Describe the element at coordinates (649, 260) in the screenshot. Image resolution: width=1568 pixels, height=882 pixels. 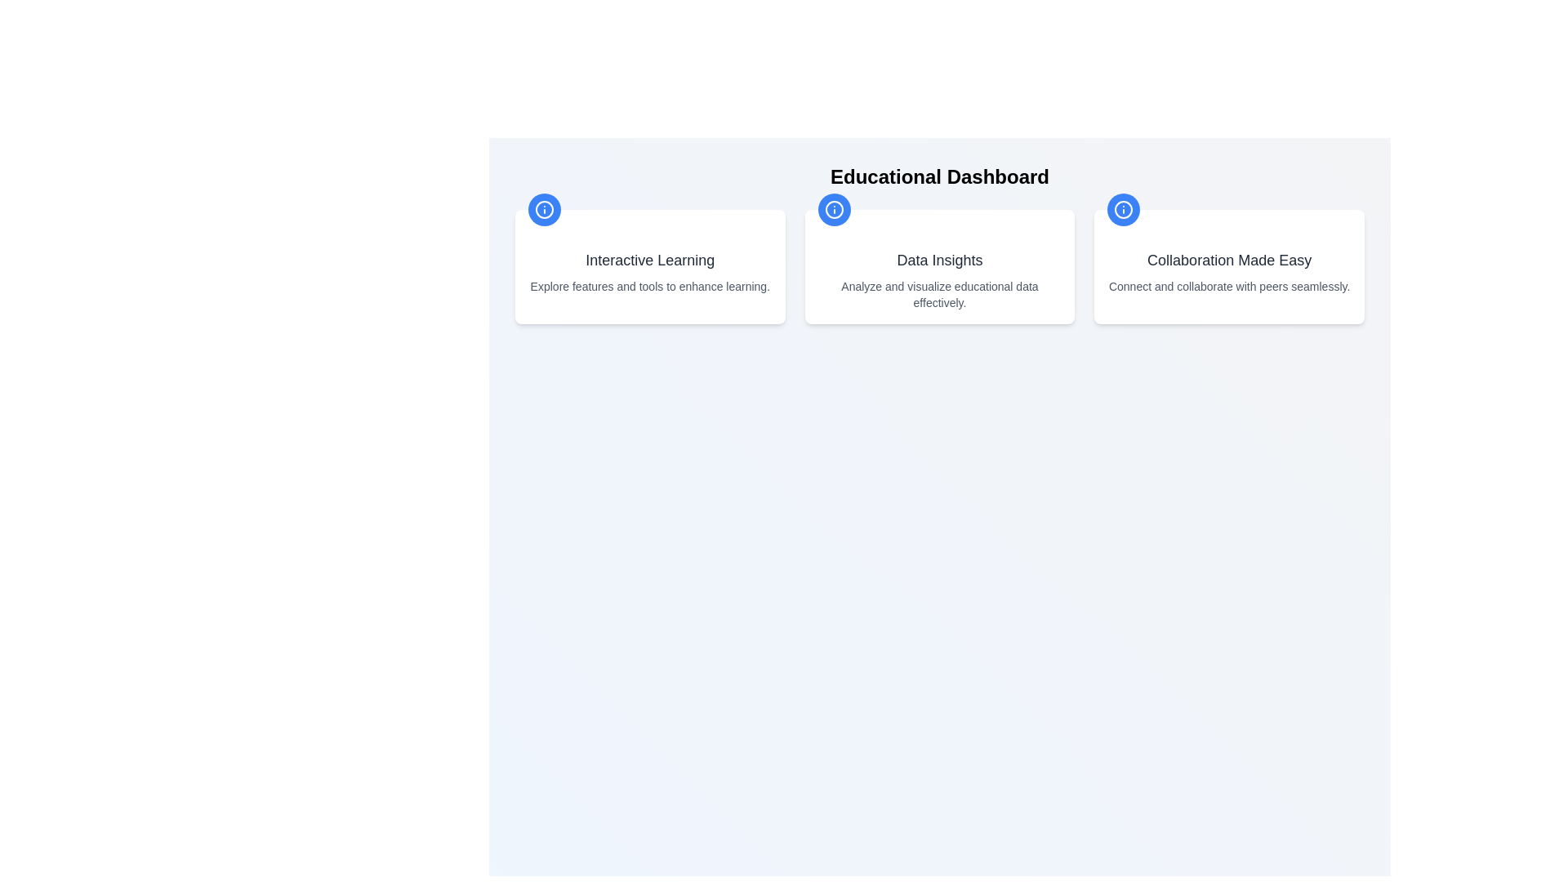
I see `the text element displaying 'Interactive Learning', which is the first title text in the leftmost card of three horizontally aligned cards, positioned above the smaller text block within a white rounded rectangle card` at that location.